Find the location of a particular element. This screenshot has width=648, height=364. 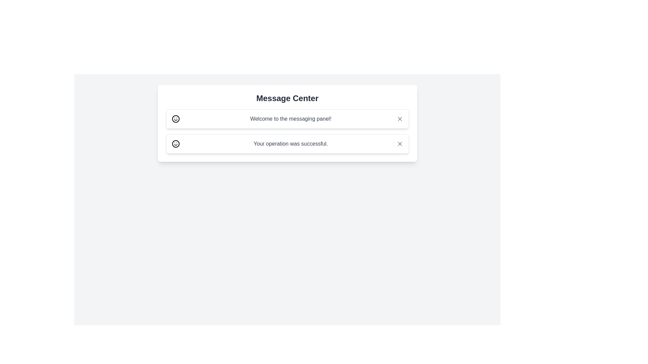

the friendly icon located on the leftmost side of the top row within the card that contains the message 'Welcome to the messaging panel!' is located at coordinates (175, 119).